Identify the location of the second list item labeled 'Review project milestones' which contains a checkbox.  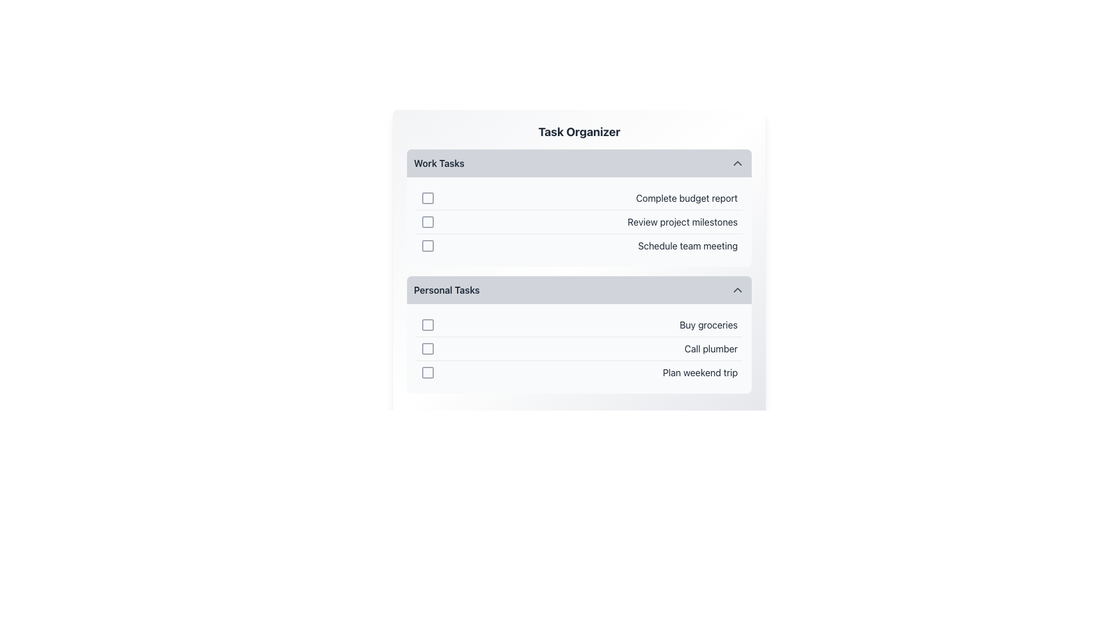
(579, 222).